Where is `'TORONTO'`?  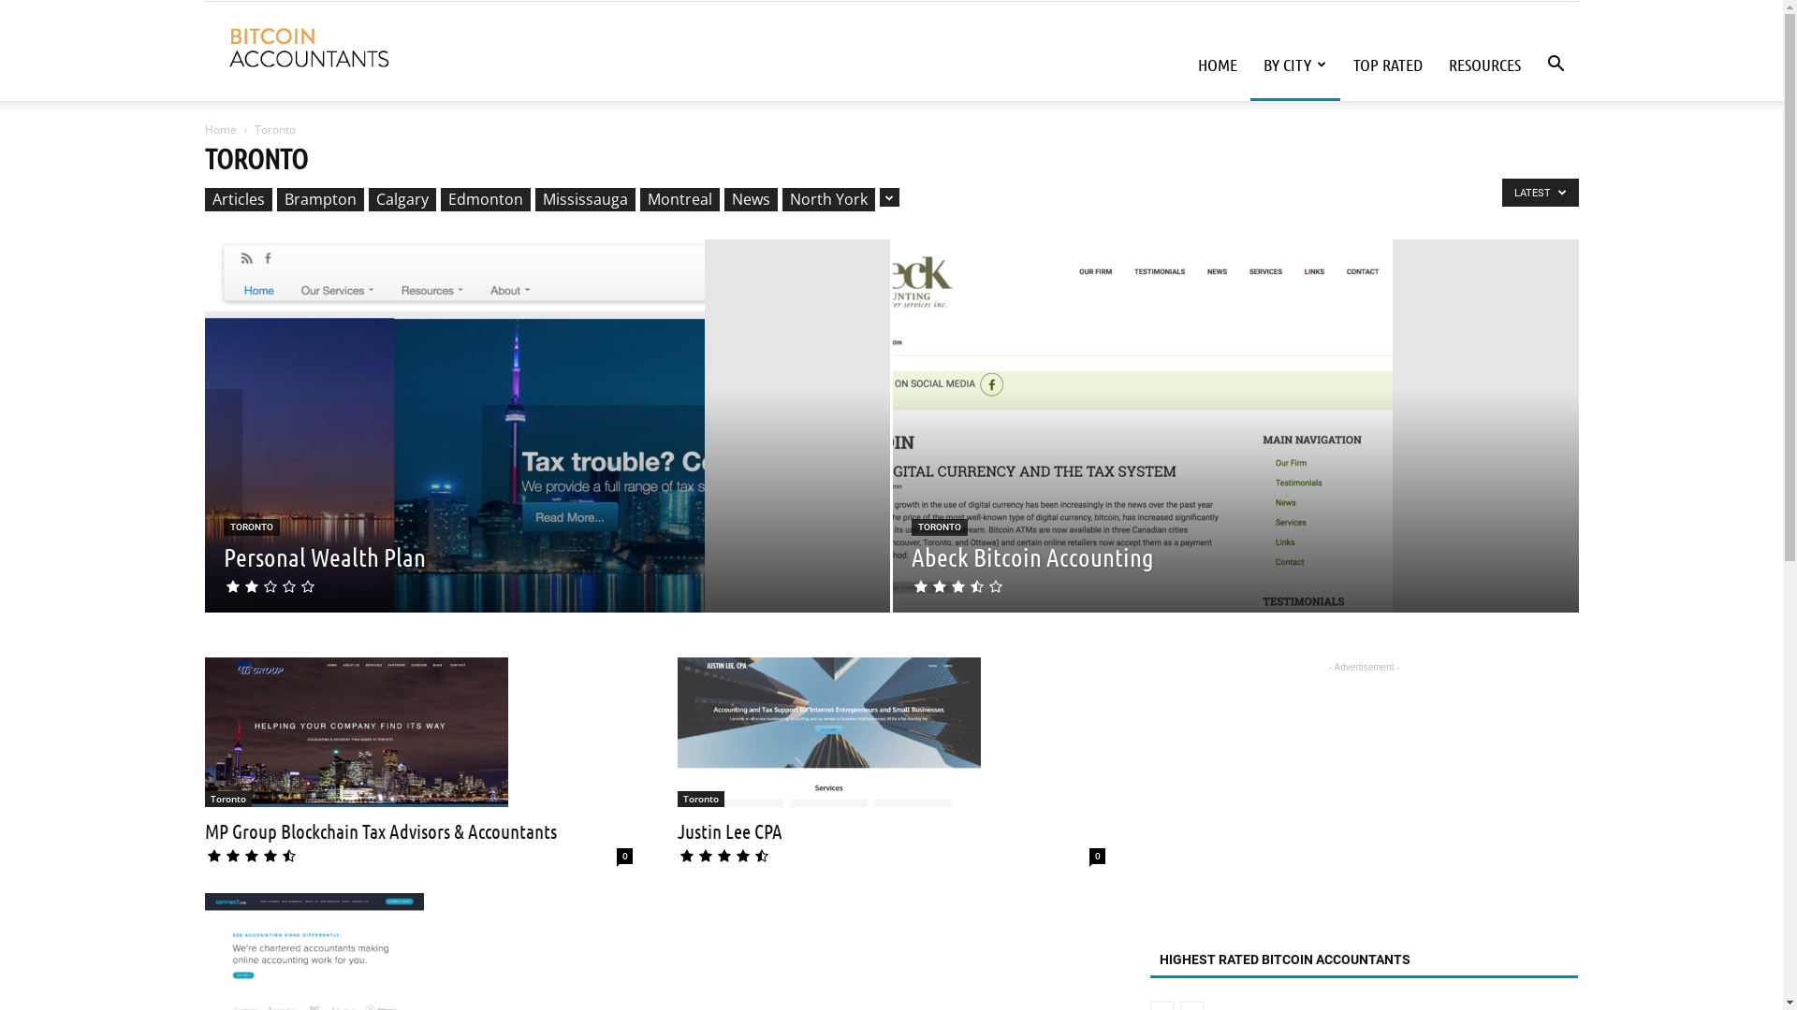
'TORONTO' is located at coordinates (939, 527).